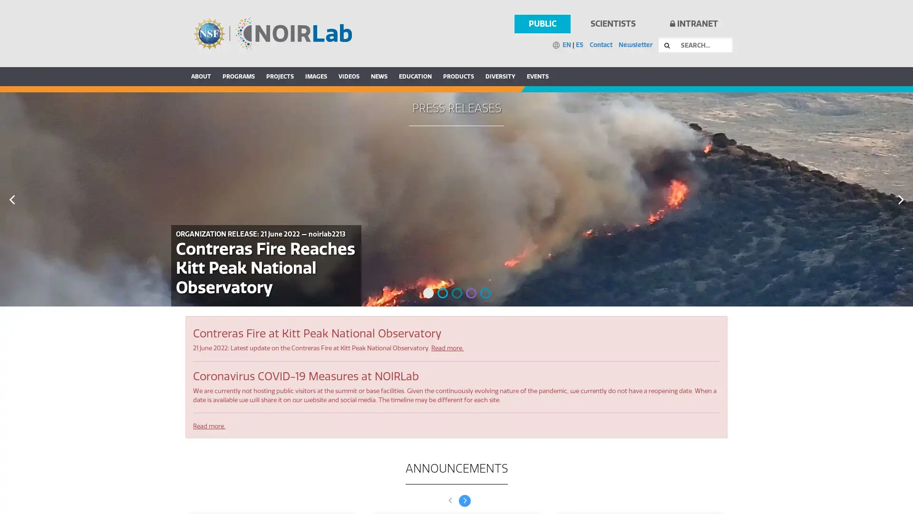  Describe the element at coordinates (428, 293) in the screenshot. I see `1` at that location.